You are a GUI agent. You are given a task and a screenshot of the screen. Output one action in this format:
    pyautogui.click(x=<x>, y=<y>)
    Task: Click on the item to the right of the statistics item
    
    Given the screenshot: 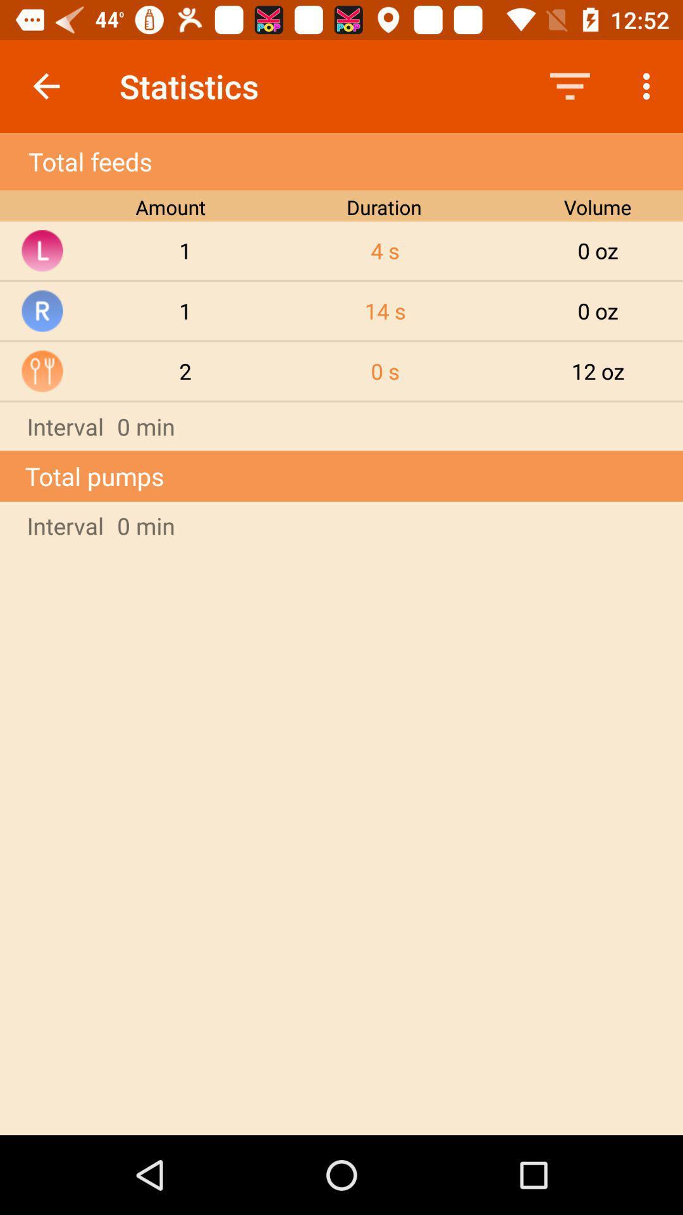 What is the action you would take?
    pyautogui.click(x=570, y=85)
    